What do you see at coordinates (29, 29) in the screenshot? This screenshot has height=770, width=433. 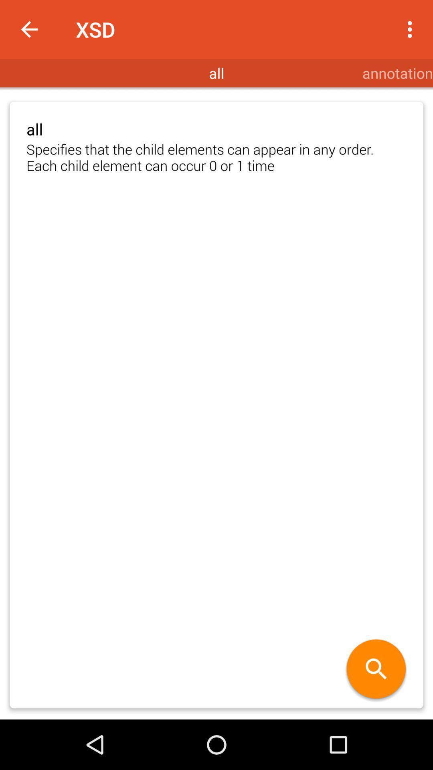 I see `item to the left of xsd icon` at bounding box center [29, 29].